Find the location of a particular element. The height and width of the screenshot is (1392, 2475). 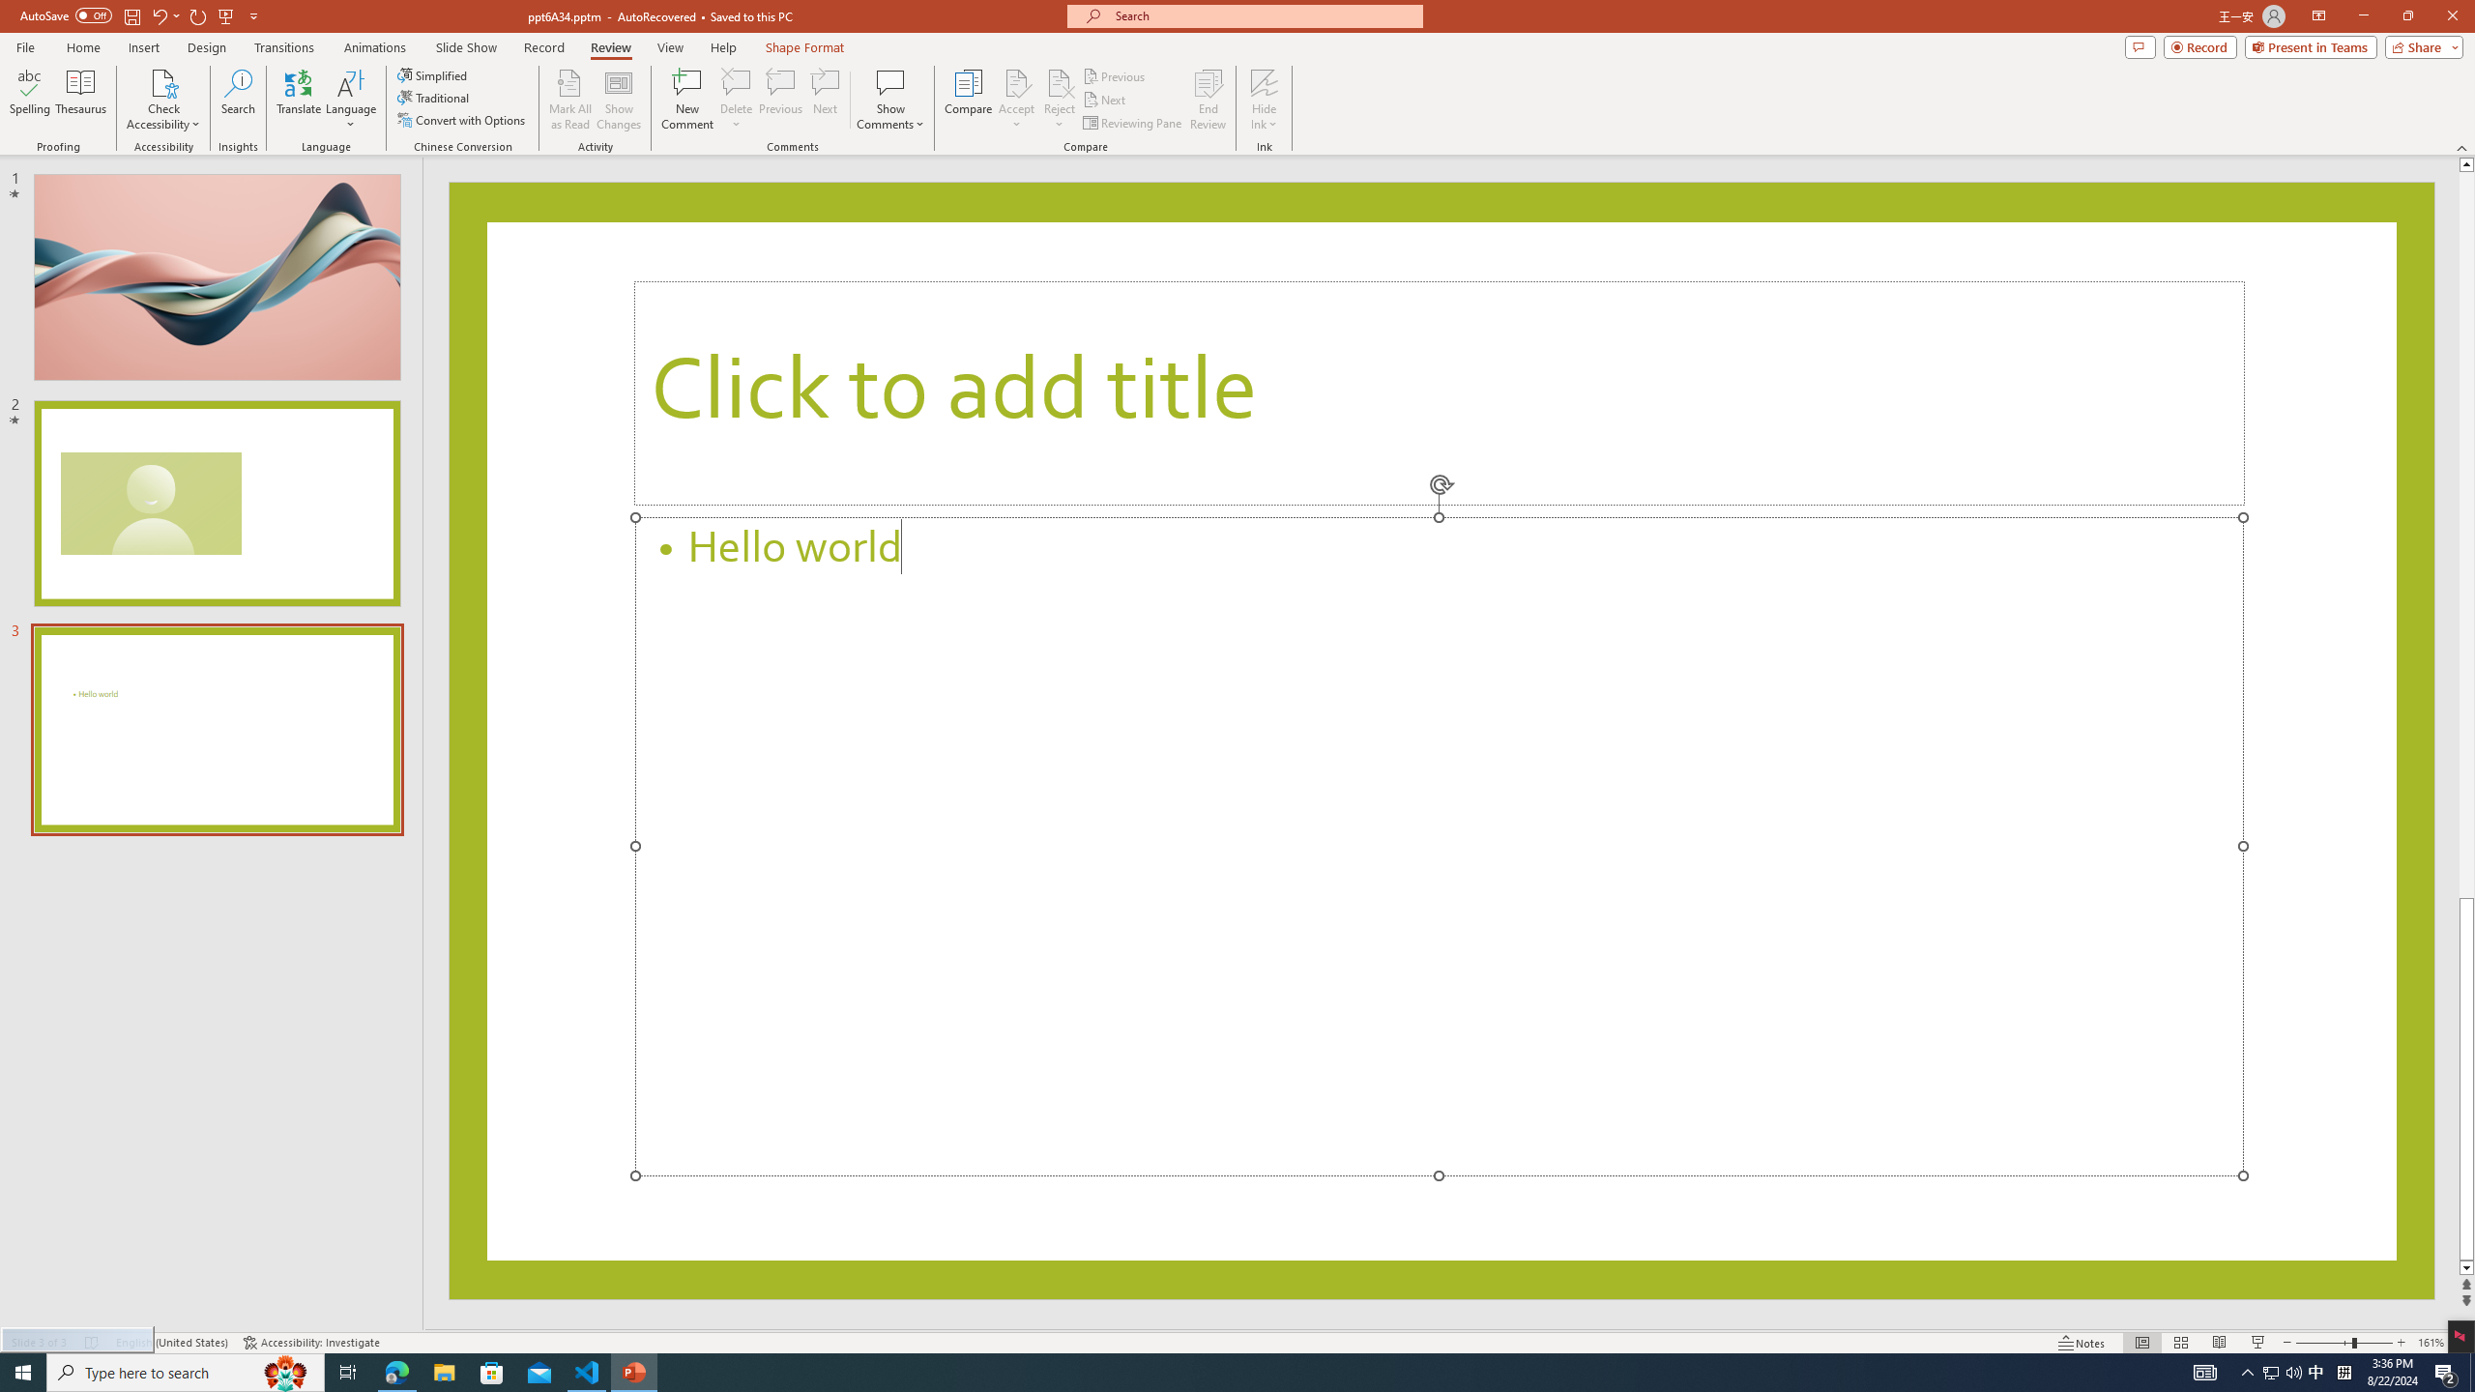

'Check Accessibility' is located at coordinates (161, 100).